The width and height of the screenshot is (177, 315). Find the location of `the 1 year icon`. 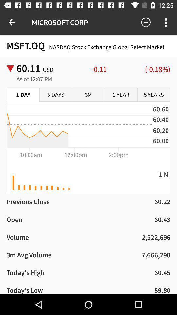

the 1 year icon is located at coordinates (121, 94).